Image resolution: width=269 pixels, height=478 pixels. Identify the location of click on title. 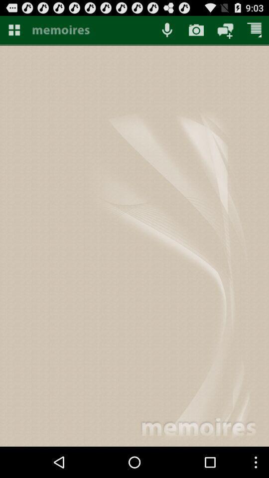
(91, 30).